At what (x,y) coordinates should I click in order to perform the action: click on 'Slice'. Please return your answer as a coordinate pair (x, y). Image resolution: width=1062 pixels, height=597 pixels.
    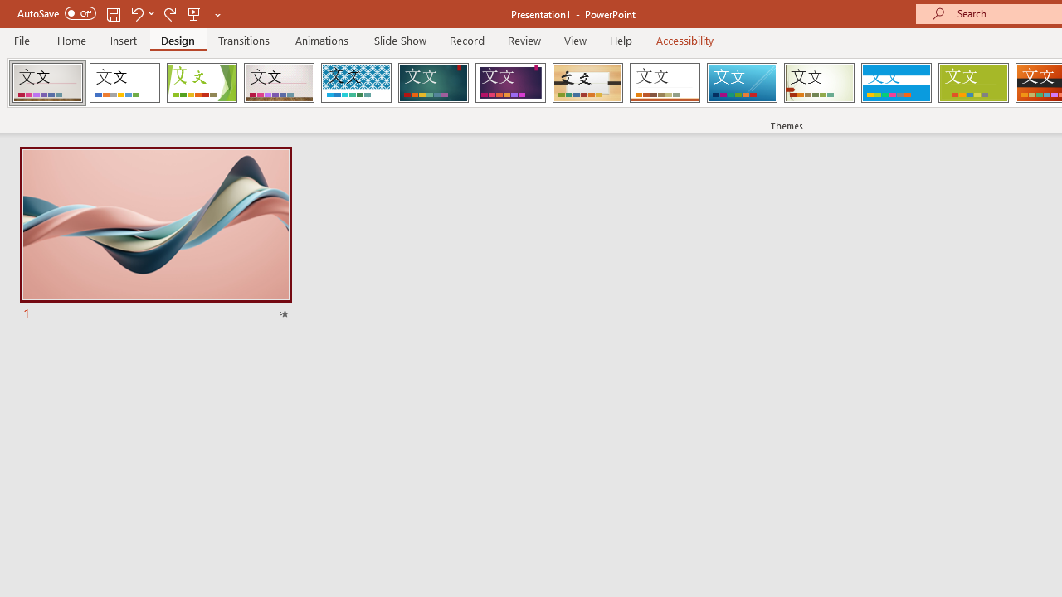
    Looking at the image, I should click on (741, 83).